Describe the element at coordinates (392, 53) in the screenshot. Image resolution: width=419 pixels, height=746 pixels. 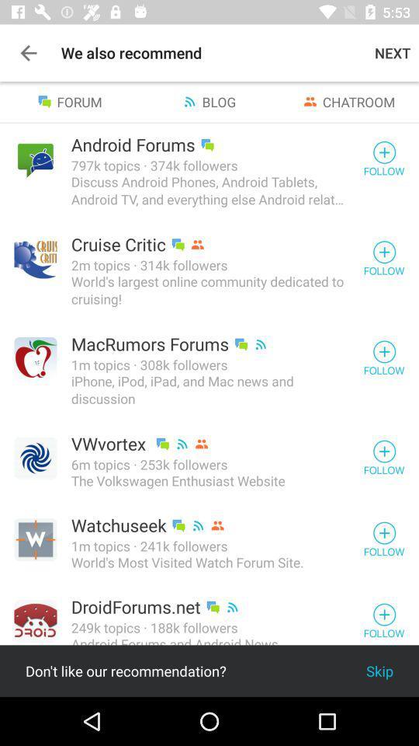
I see `the icon above chatroom item` at that location.